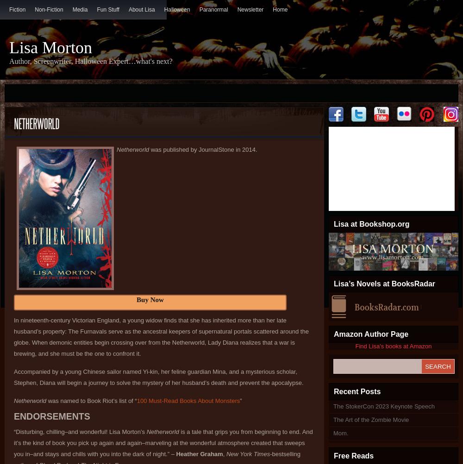 This screenshot has width=463, height=464. I want to click on 'Fun Stuff', so click(107, 9).